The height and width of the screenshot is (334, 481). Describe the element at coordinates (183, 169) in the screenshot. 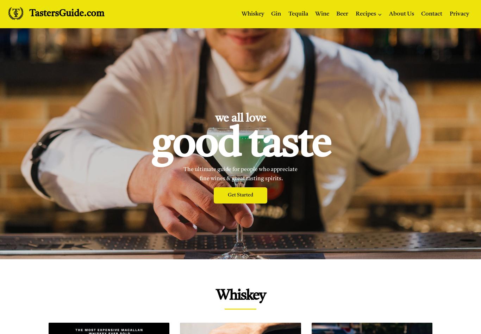

I see `'The ultimate guide for people who appreciate'` at that location.